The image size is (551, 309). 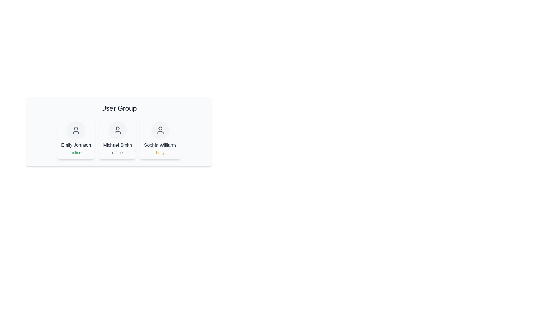 I want to click on the 'busy' status graphical icon (circle) within the avatar of user 'Sophia Williams', which is the third user card in the 'User Group' section, so click(x=160, y=128).